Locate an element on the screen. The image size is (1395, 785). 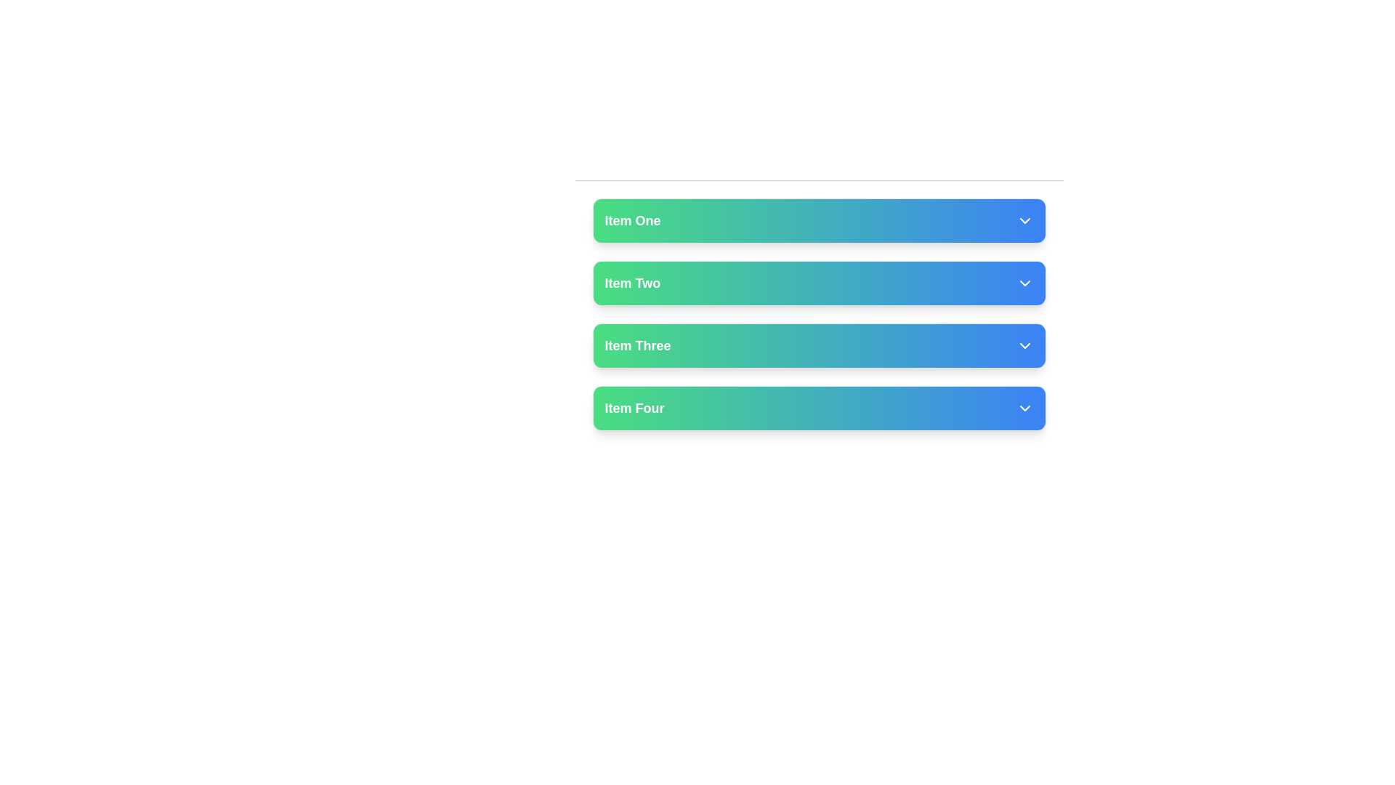
the downward-pointing chevron SVG icon that serves as a dropdown toggle indicator for 'Item Three' is located at coordinates (1024, 345).